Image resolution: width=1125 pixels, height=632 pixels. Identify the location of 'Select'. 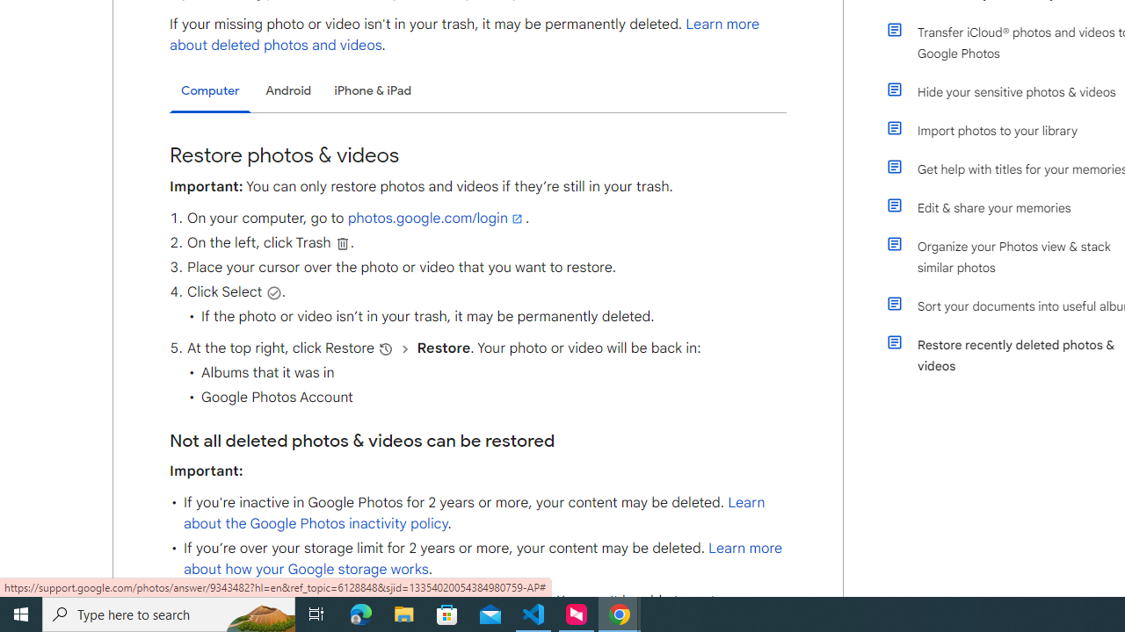
(272, 291).